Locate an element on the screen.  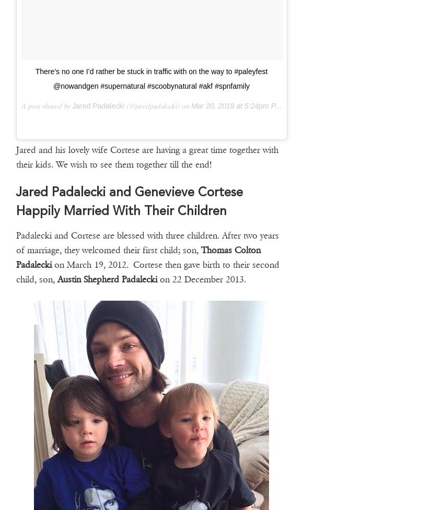
'Austin Shepherd Padalecki' is located at coordinates (106, 278).